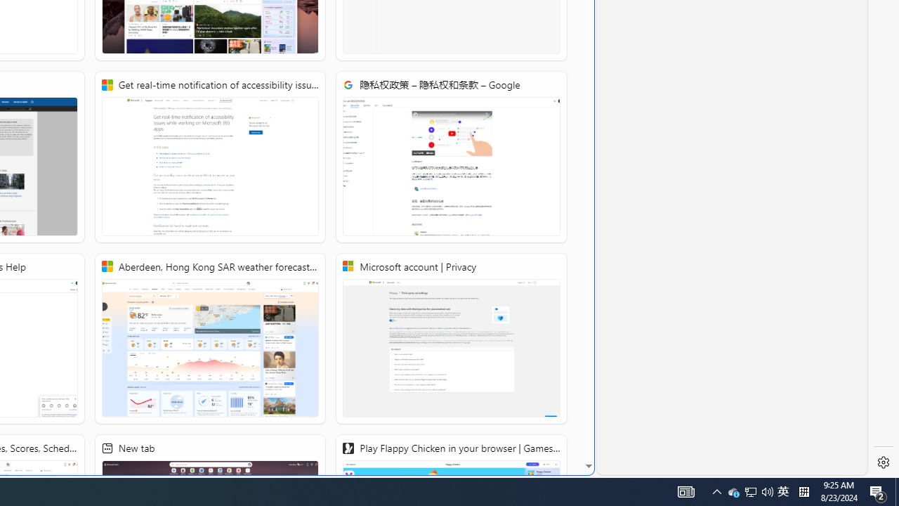 The image size is (899, 506). I want to click on 'Aberdeen, Hong Kong SAR weather forecast | Microsoft Weather', so click(209, 339).